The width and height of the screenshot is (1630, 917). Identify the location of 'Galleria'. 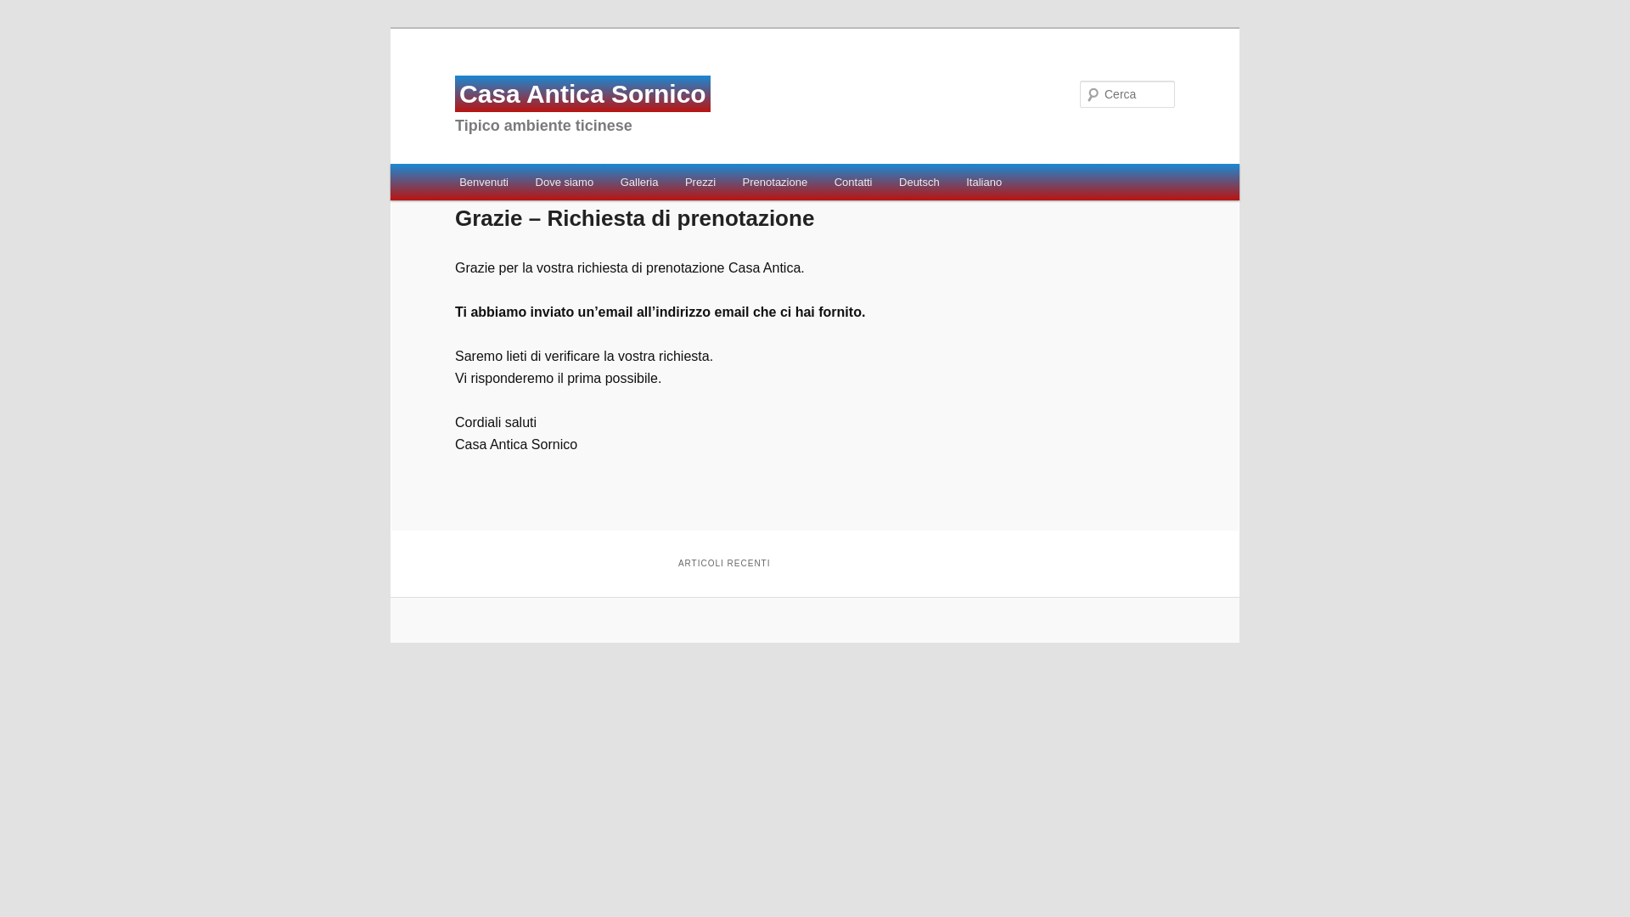
(638, 182).